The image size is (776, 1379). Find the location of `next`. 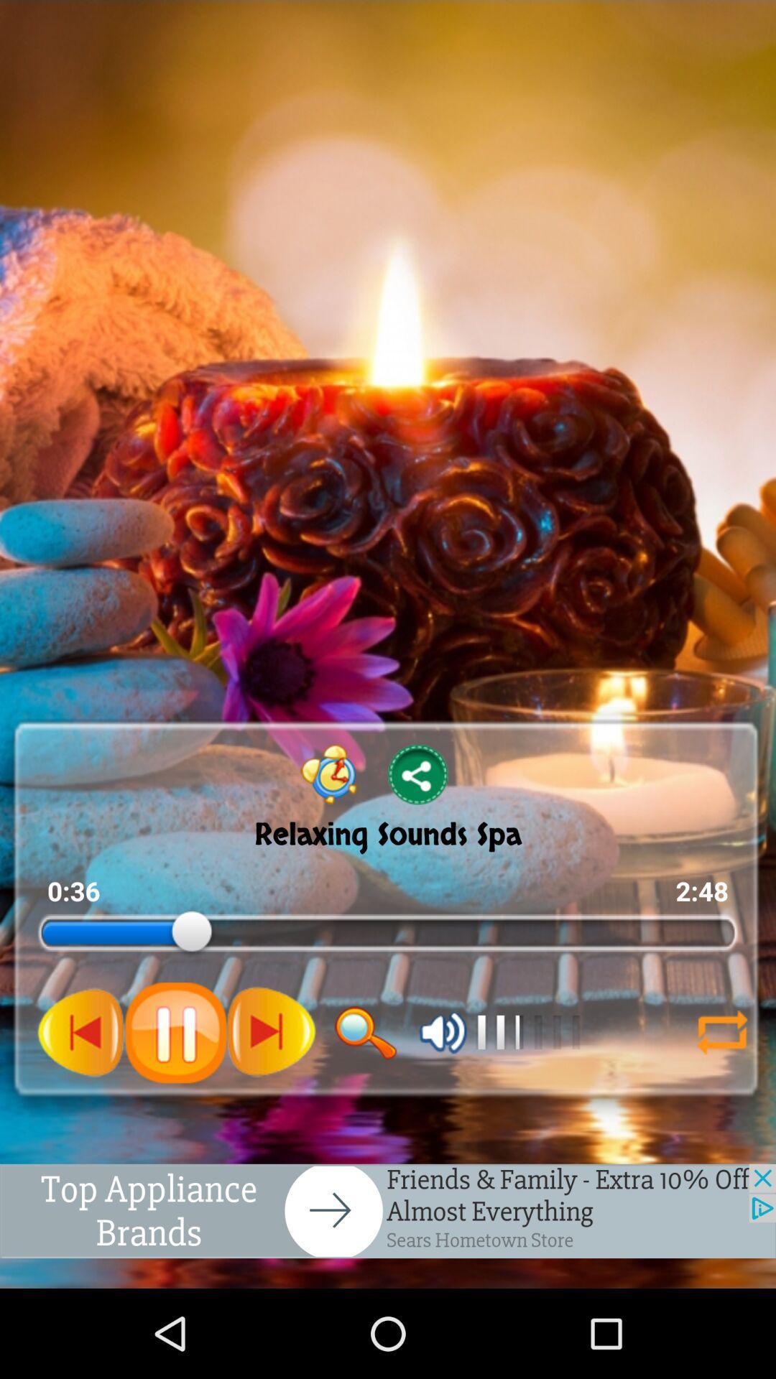

next is located at coordinates (271, 1031).